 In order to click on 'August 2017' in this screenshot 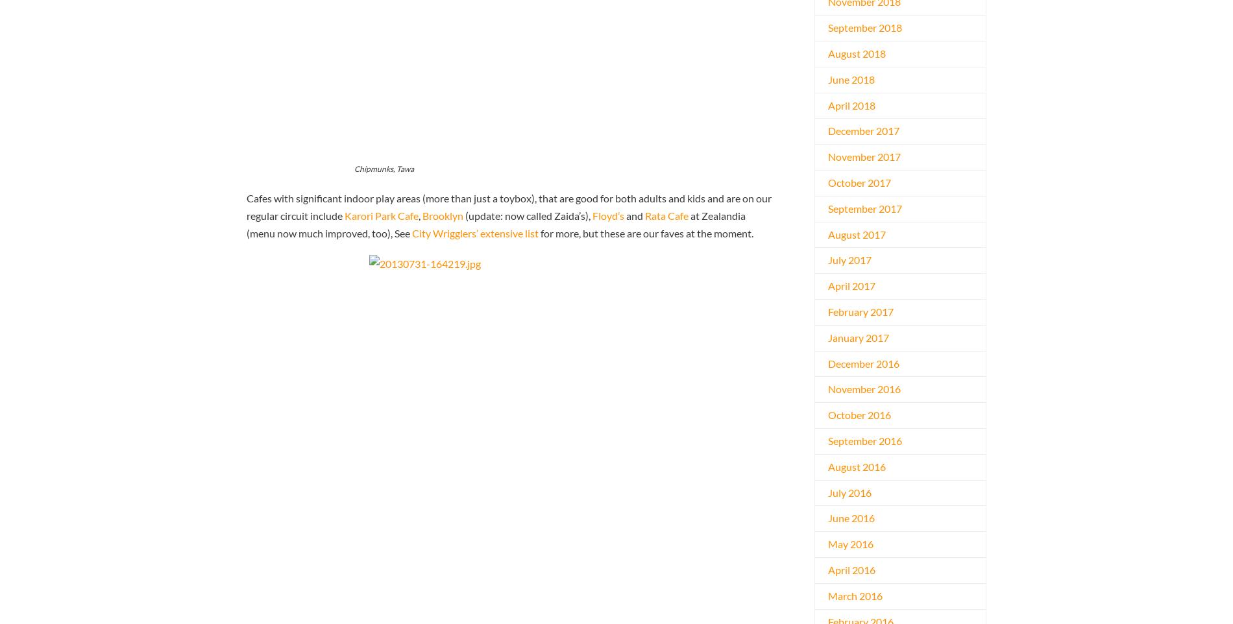, I will do `click(827, 234)`.